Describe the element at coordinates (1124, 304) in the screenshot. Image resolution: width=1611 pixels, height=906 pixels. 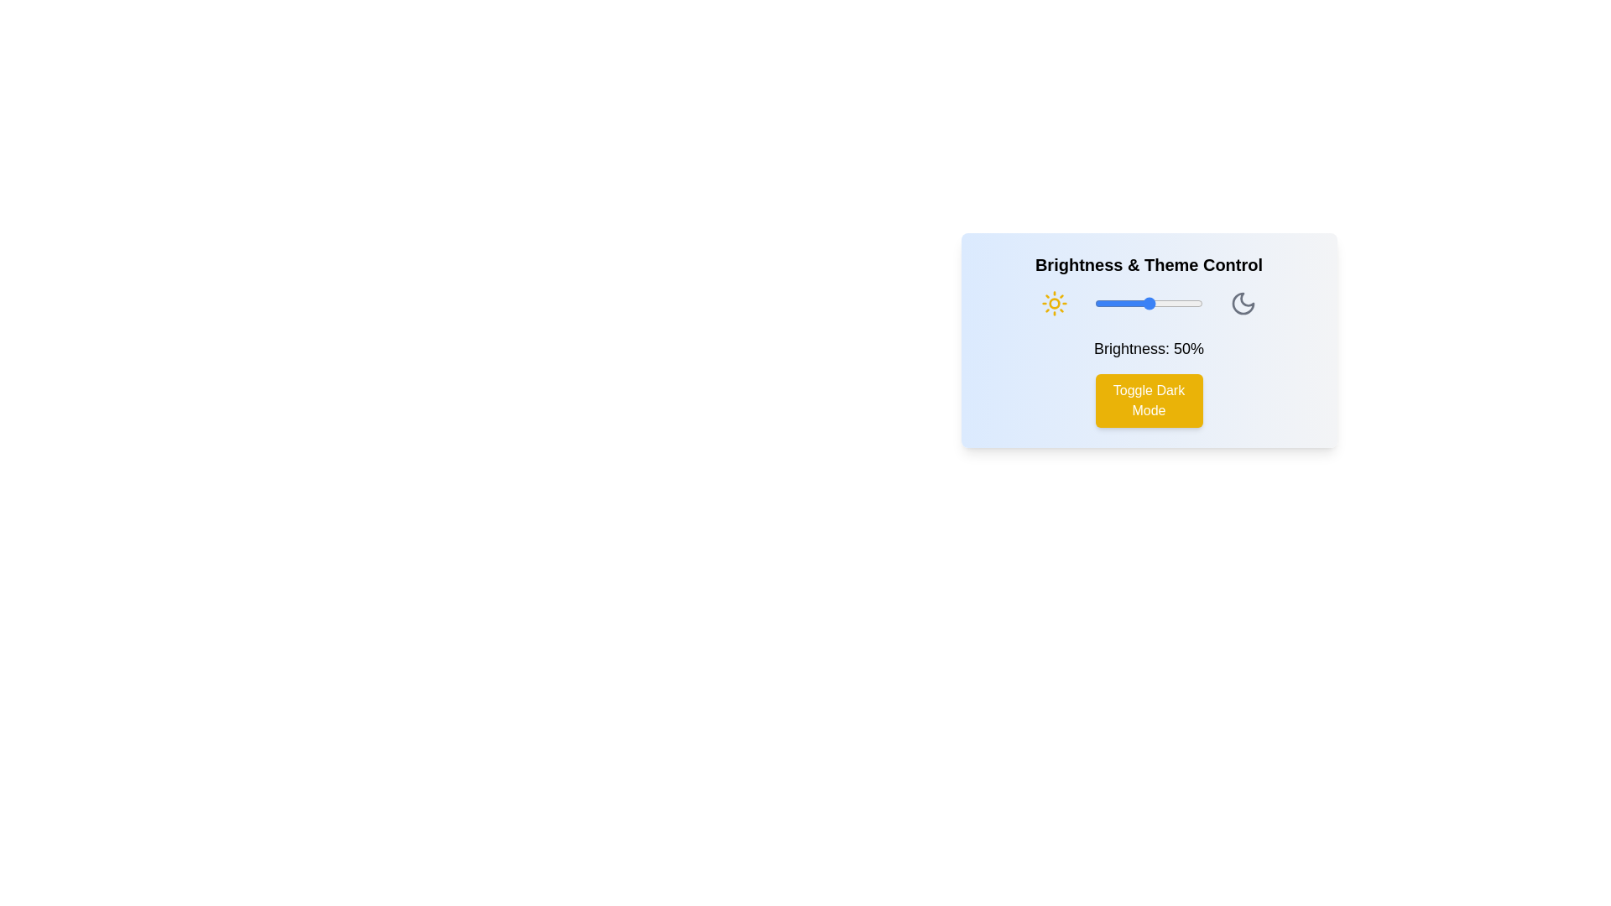
I see `the brightness level to 27% by dragging the slider` at that location.